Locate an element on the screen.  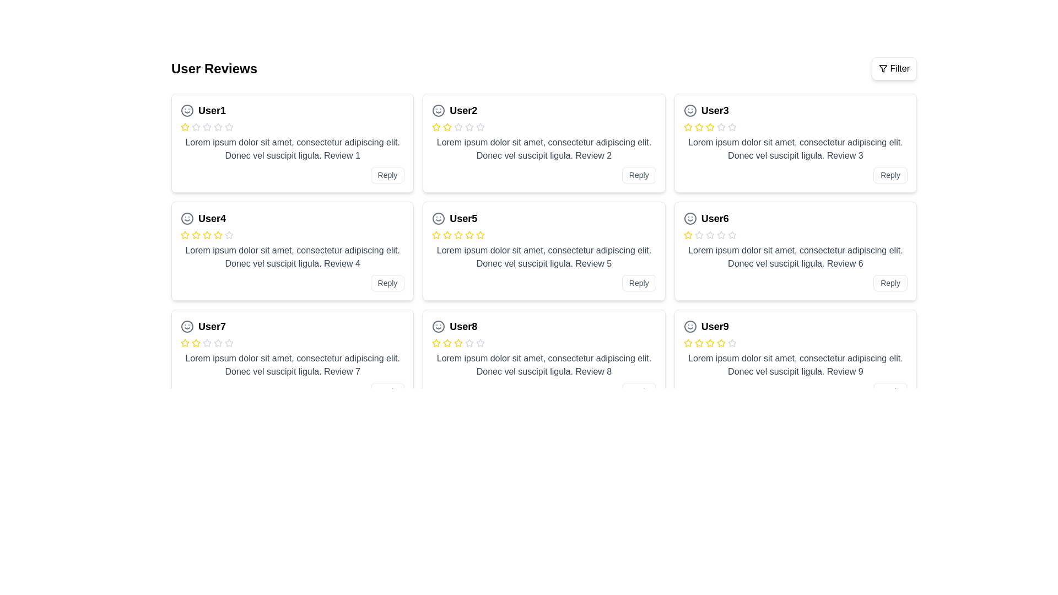
the text label displaying 'User5', which is bold and prominently styled, located in the second row and second column of the user reviews grid, slightly to the right of the smiley face icon is located at coordinates (463, 219).